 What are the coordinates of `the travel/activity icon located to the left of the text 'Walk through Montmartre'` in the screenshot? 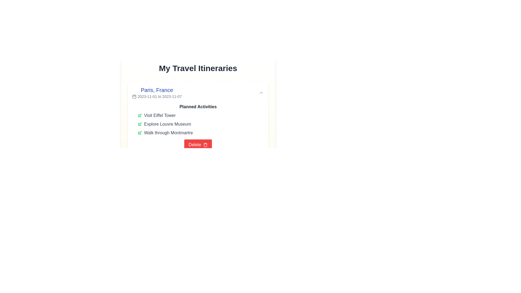 It's located at (139, 133).